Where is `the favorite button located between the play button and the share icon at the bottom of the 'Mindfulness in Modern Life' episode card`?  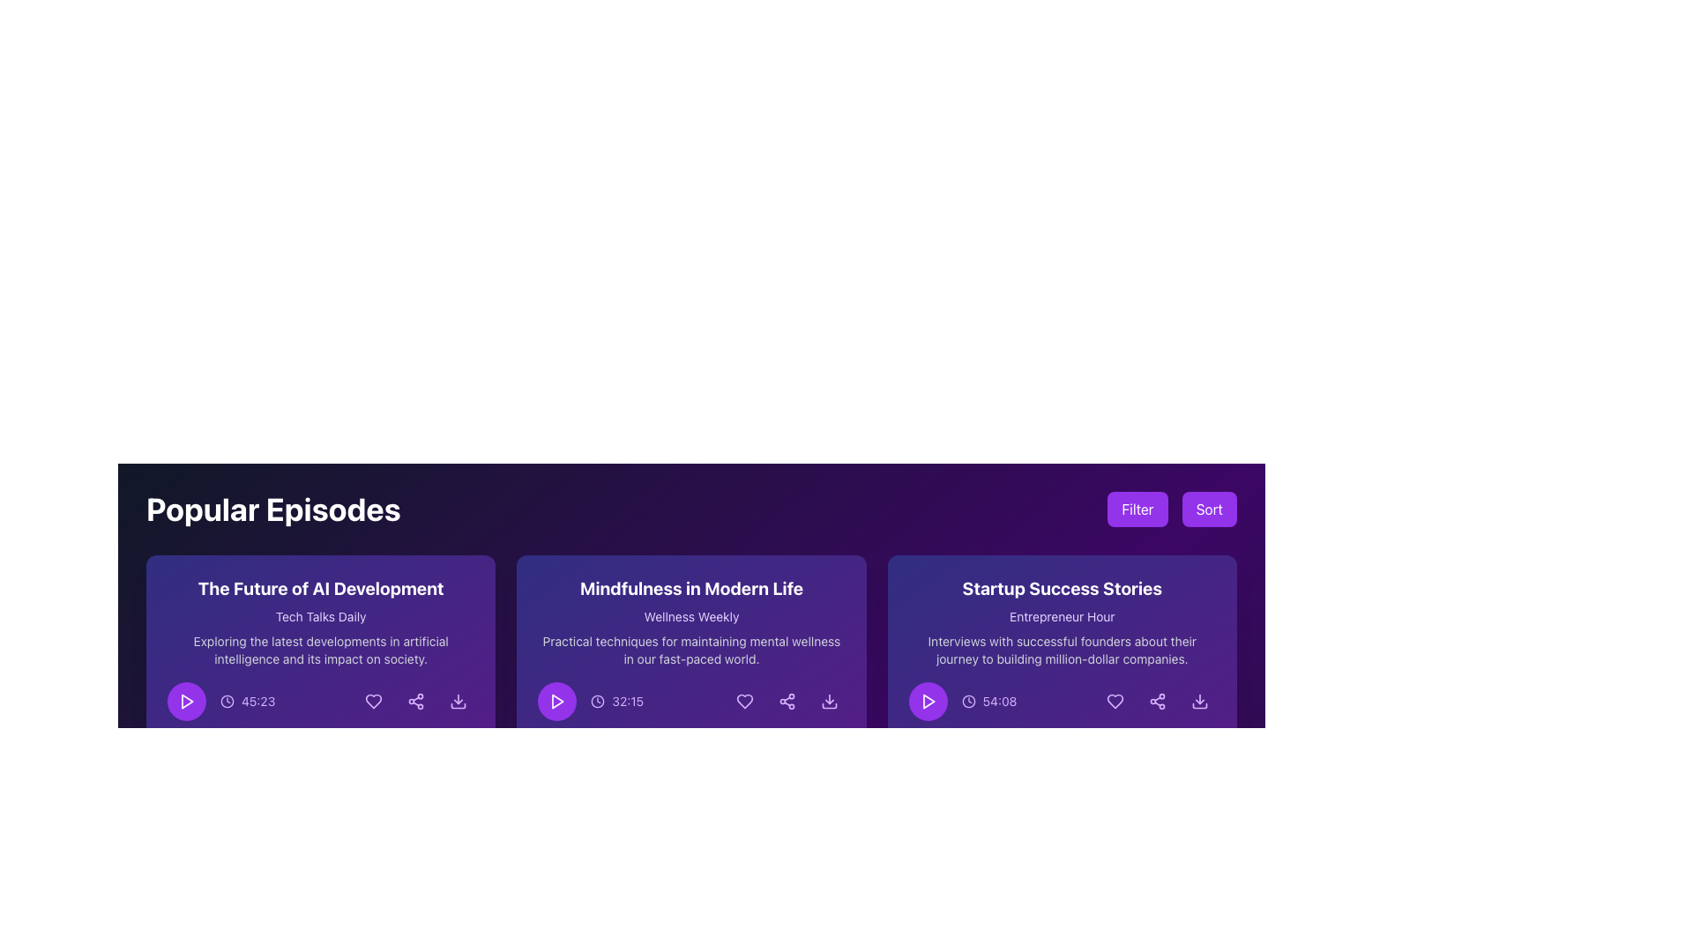 the favorite button located between the play button and the share icon at the bottom of the 'Mindfulness in Modern Life' episode card is located at coordinates (744, 700).